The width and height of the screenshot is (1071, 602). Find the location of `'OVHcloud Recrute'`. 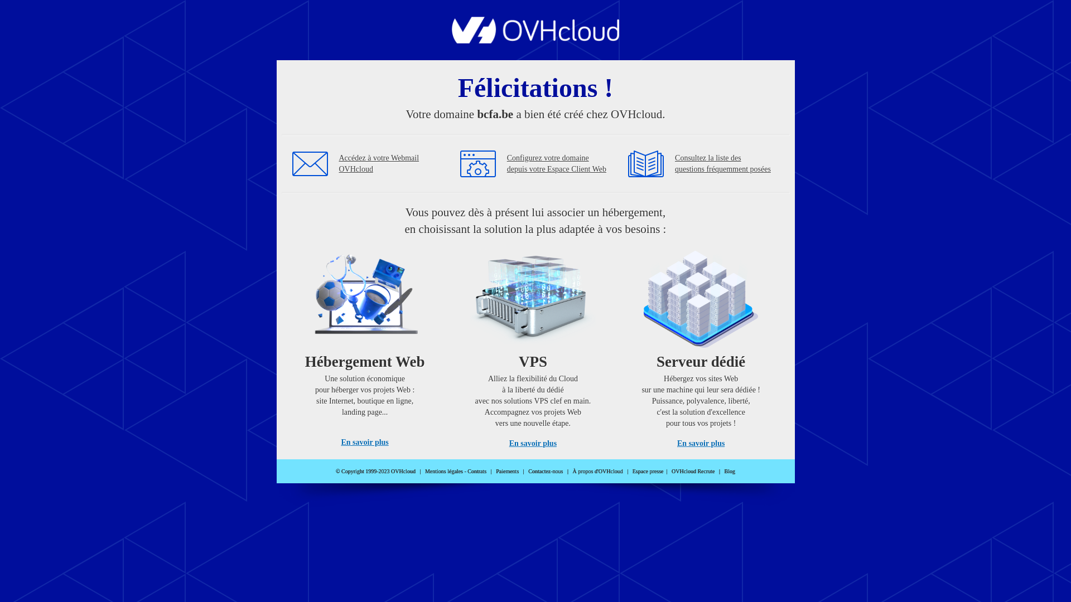

'OVHcloud Recrute' is located at coordinates (692, 471).